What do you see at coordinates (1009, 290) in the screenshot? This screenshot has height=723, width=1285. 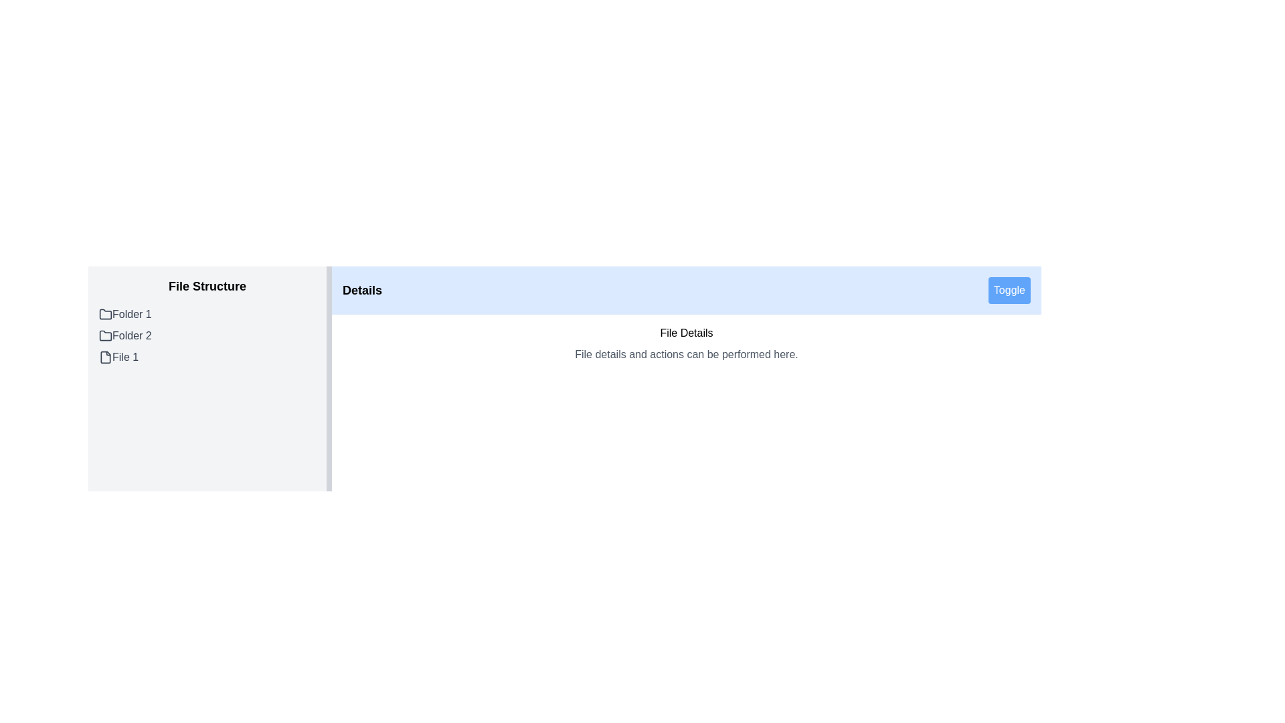 I see `the button located on the far right of the light blue bar labeled 'Details'` at bounding box center [1009, 290].